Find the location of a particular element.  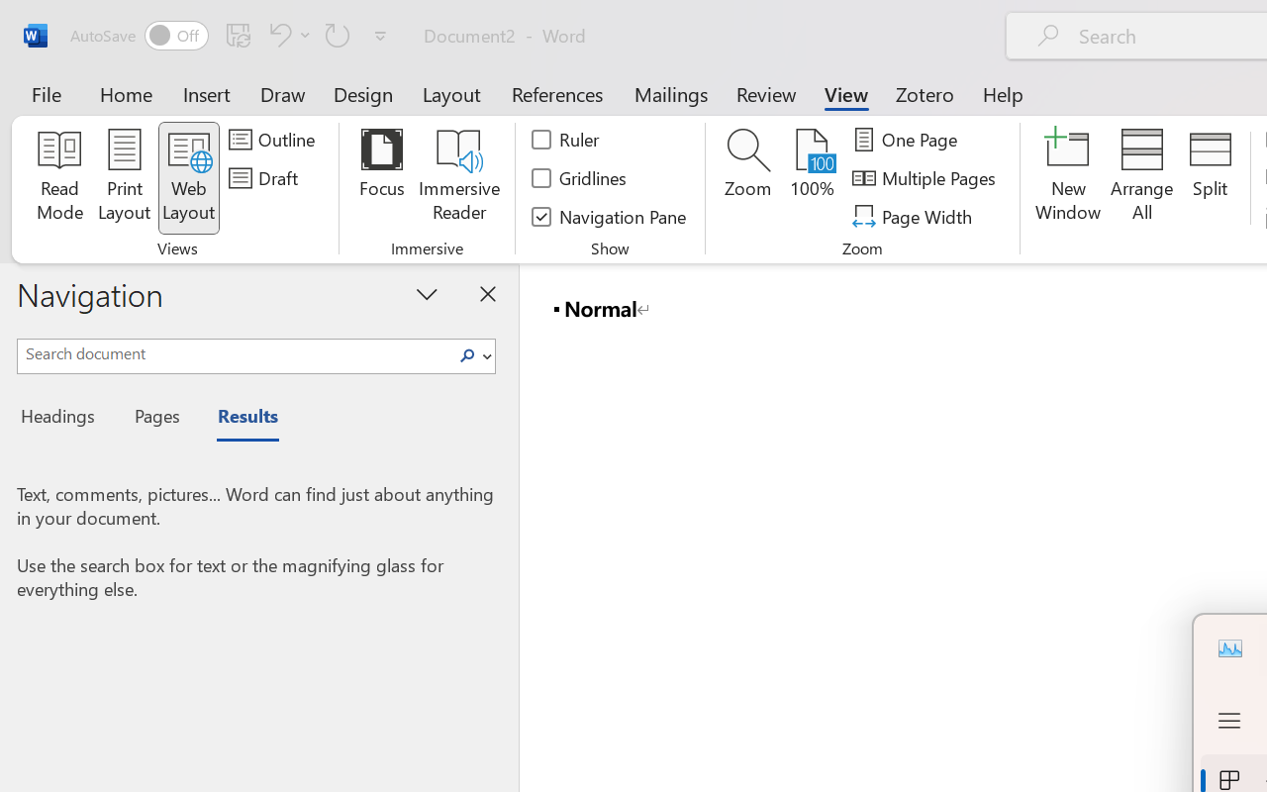

'Insert' is located at coordinates (207, 93).